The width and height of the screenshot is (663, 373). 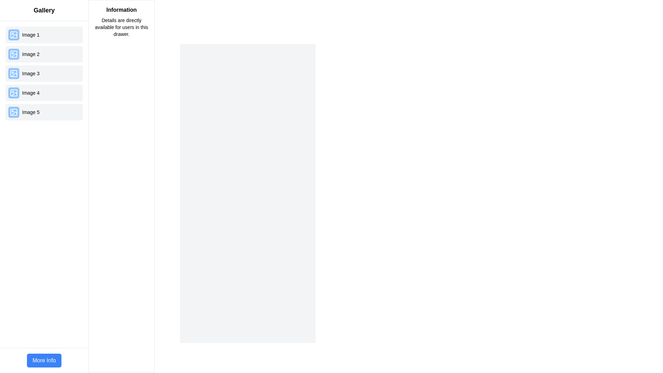 What do you see at coordinates (30, 112) in the screenshot?
I see `the text label displaying 'Image 5', which is located in the 'Gallery' section beneath a blue square icon representing an image, and is the fifth item in the list` at bounding box center [30, 112].